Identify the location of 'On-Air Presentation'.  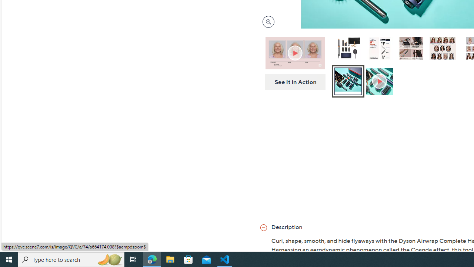
(294, 52).